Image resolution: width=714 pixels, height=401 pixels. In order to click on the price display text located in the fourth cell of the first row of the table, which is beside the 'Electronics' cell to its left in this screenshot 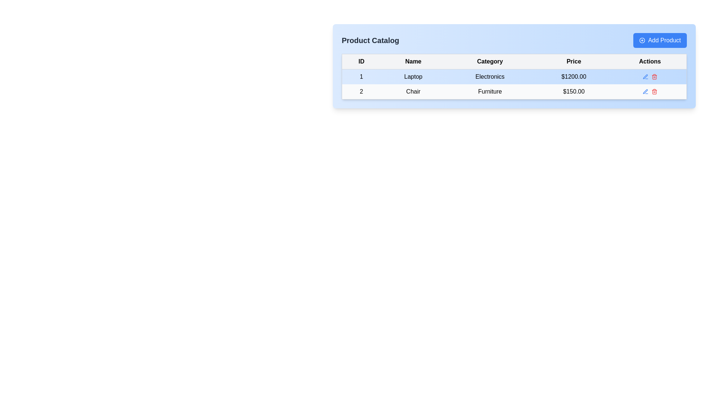, I will do `click(573, 76)`.